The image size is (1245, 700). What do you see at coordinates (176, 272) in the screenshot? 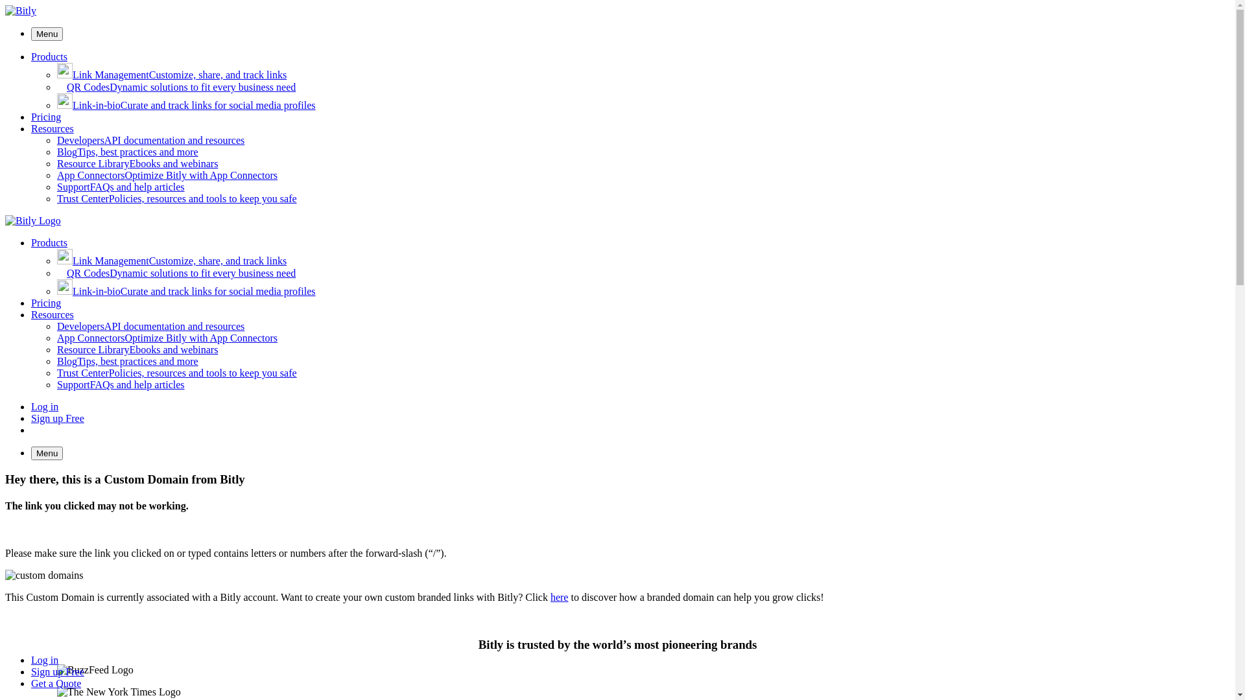
I see `'QR CodesDynamic solutions to fit every business need'` at bounding box center [176, 272].